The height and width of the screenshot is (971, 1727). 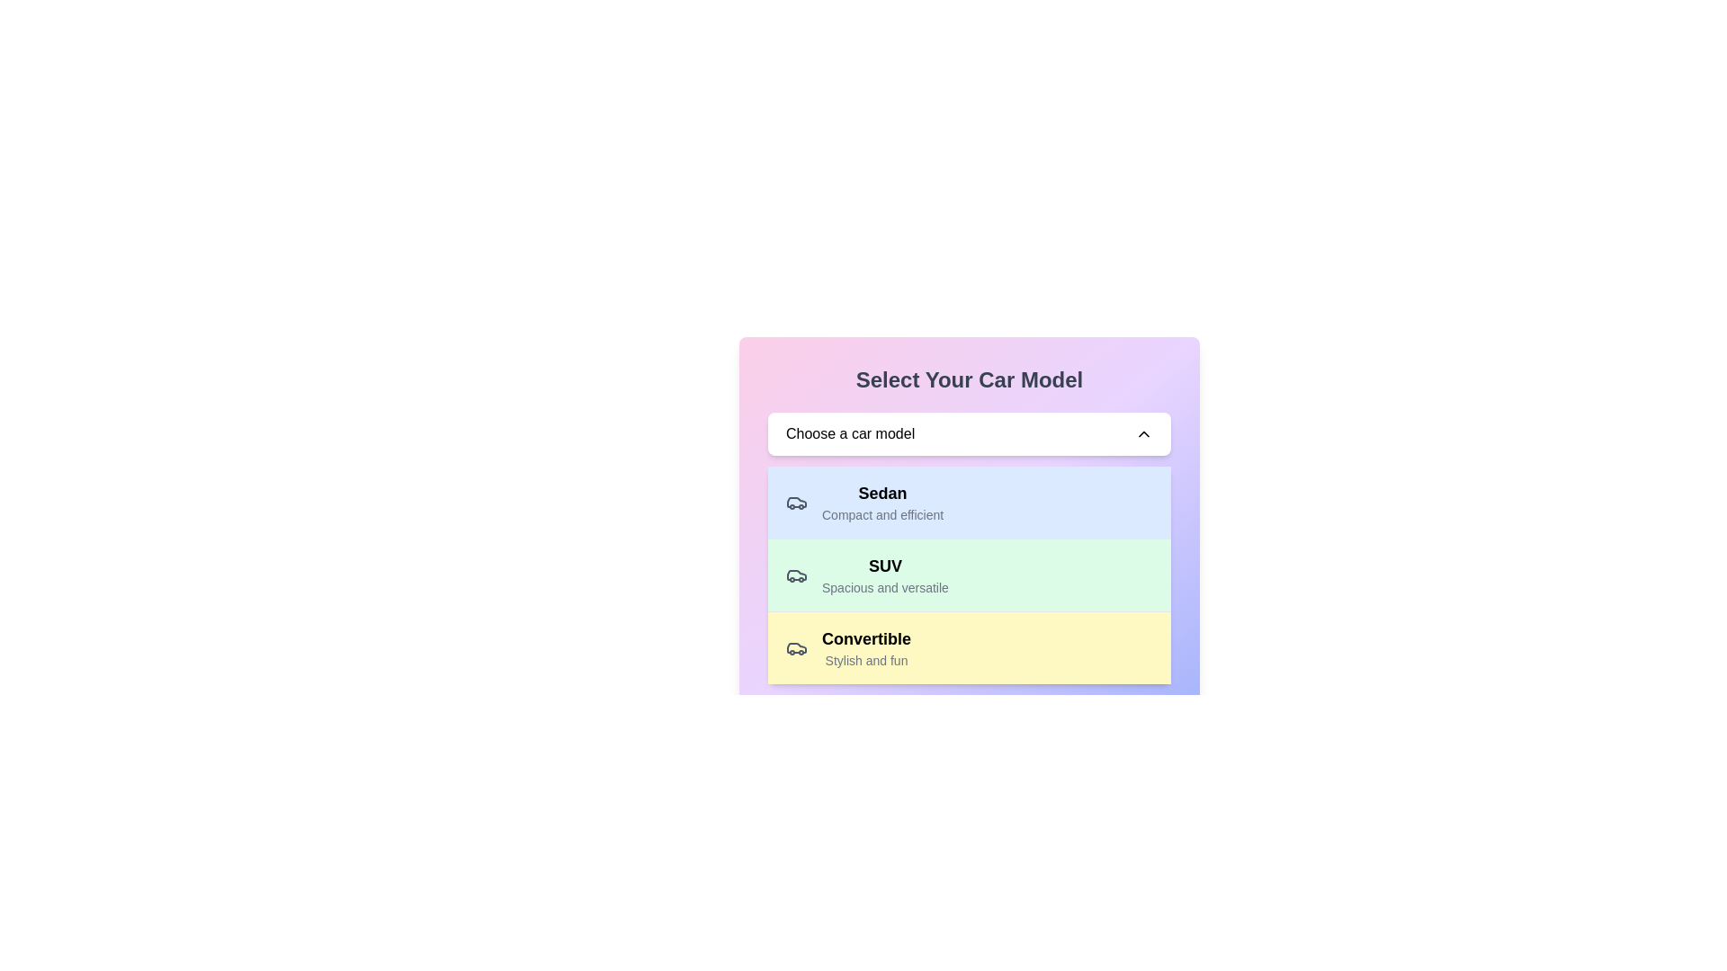 I want to click on the first option in the selectable list, so click(x=969, y=503).